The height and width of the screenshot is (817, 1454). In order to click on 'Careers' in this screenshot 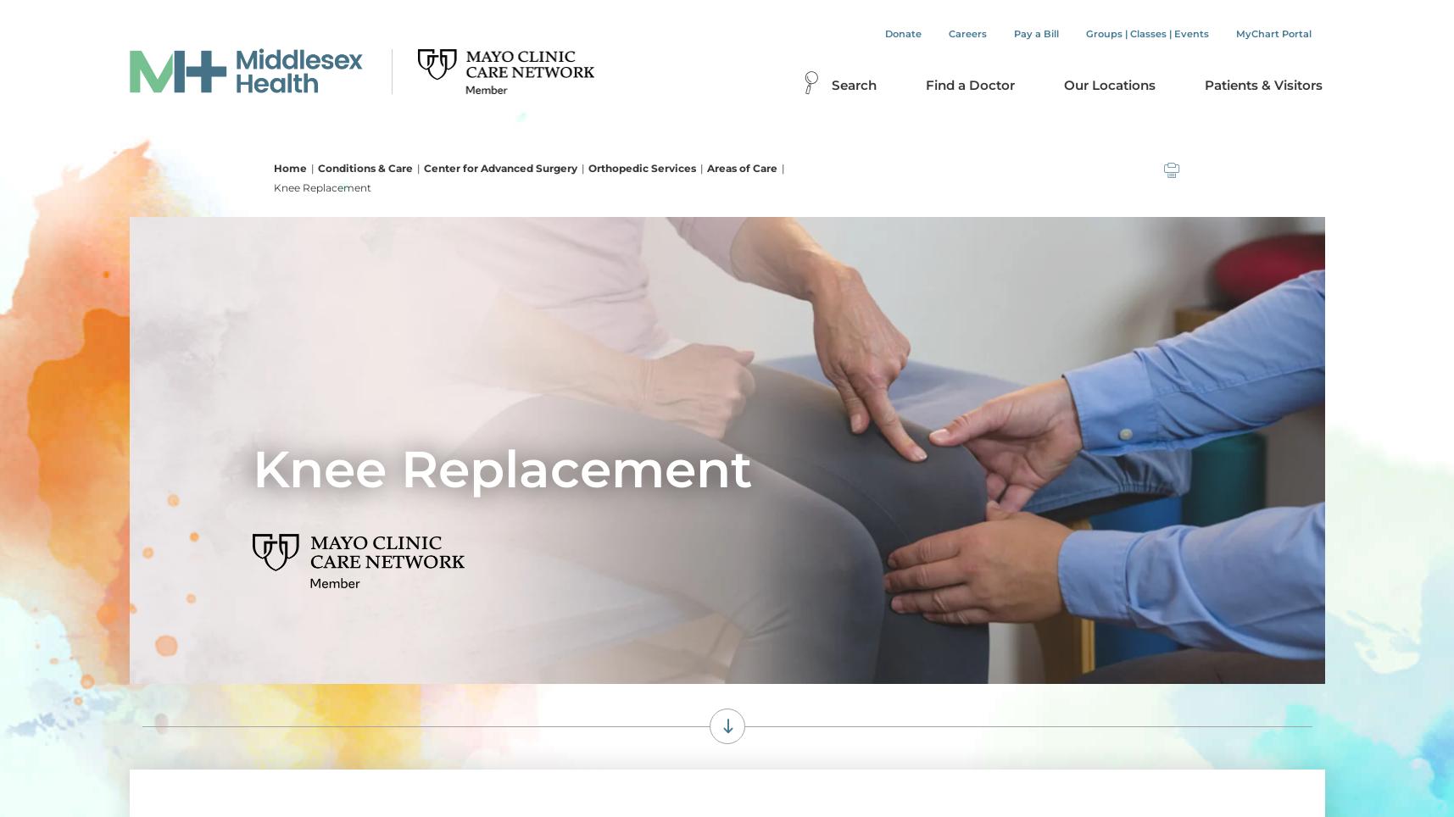, I will do `click(967, 33)`.